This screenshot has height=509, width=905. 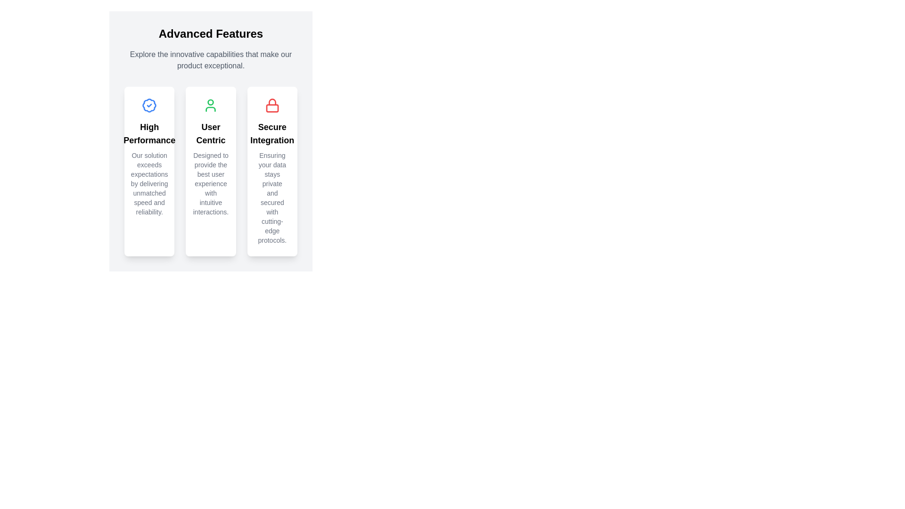 What do you see at coordinates (271, 134) in the screenshot?
I see `the Text Label that serves as the header for the section describing secure integration, located beneath a red lock icon in the third column of a three-column layout` at bounding box center [271, 134].